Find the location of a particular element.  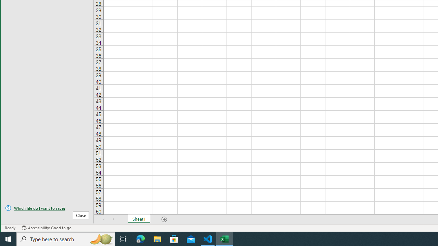

'Microsoft Edge' is located at coordinates (140, 238).